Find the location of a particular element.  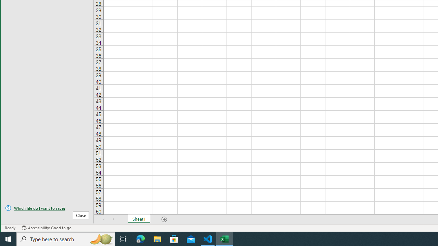

'Microsoft Edge' is located at coordinates (140, 238).